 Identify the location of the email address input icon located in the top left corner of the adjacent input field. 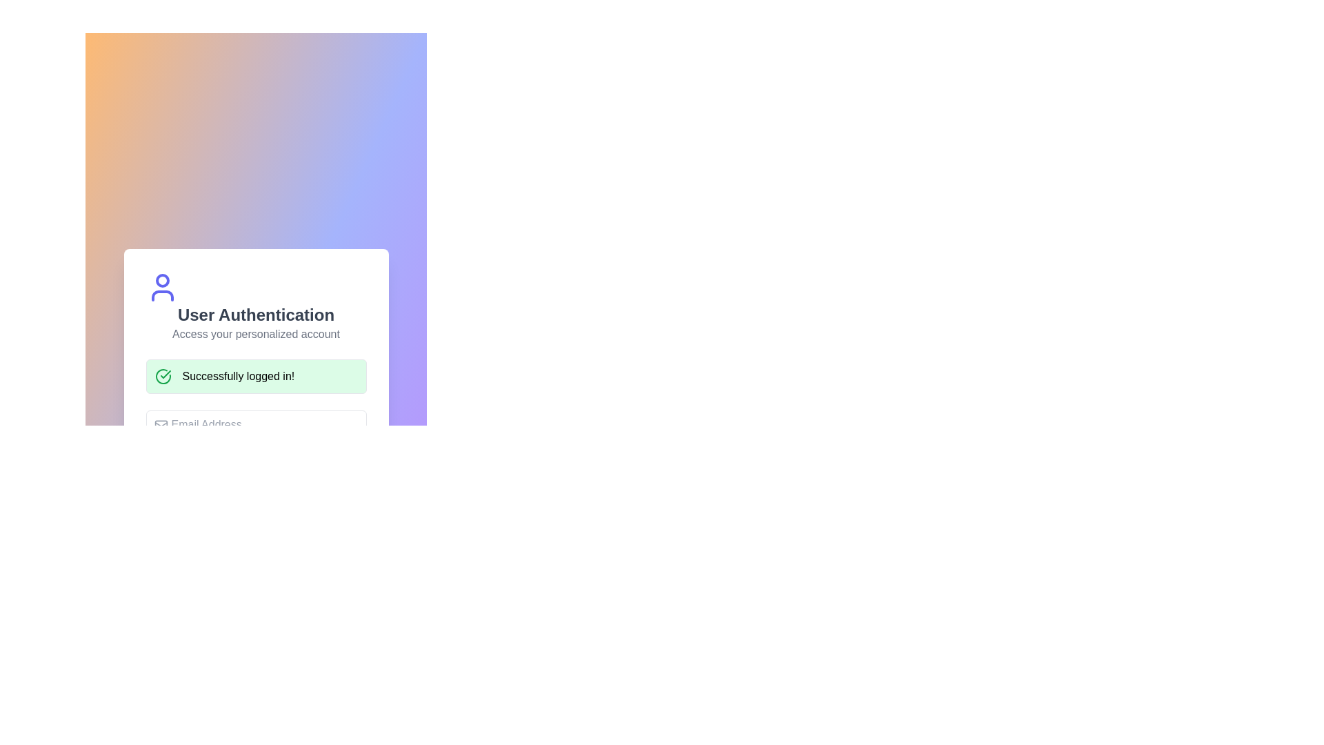
(161, 425).